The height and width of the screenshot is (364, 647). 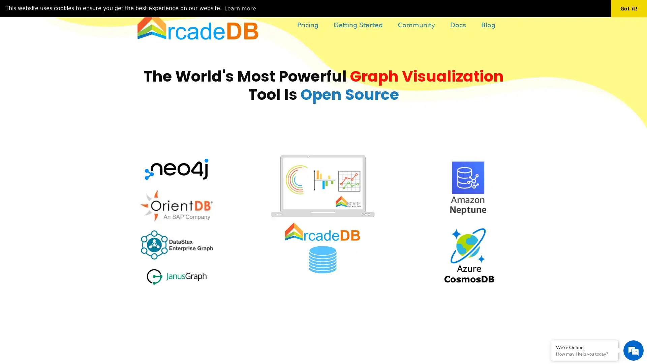 I want to click on learn more about cookies, so click(x=240, y=8).